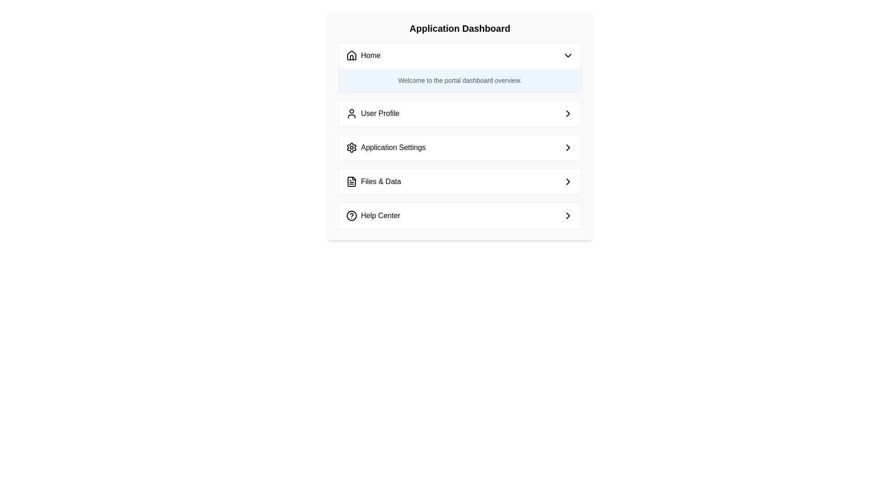  Describe the element at coordinates (567, 181) in the screenshot. I see `the rightward-pointing chevron icon button located on the right side of the 'Files & Data' list item in the 'Application Dashboard'` at that location.